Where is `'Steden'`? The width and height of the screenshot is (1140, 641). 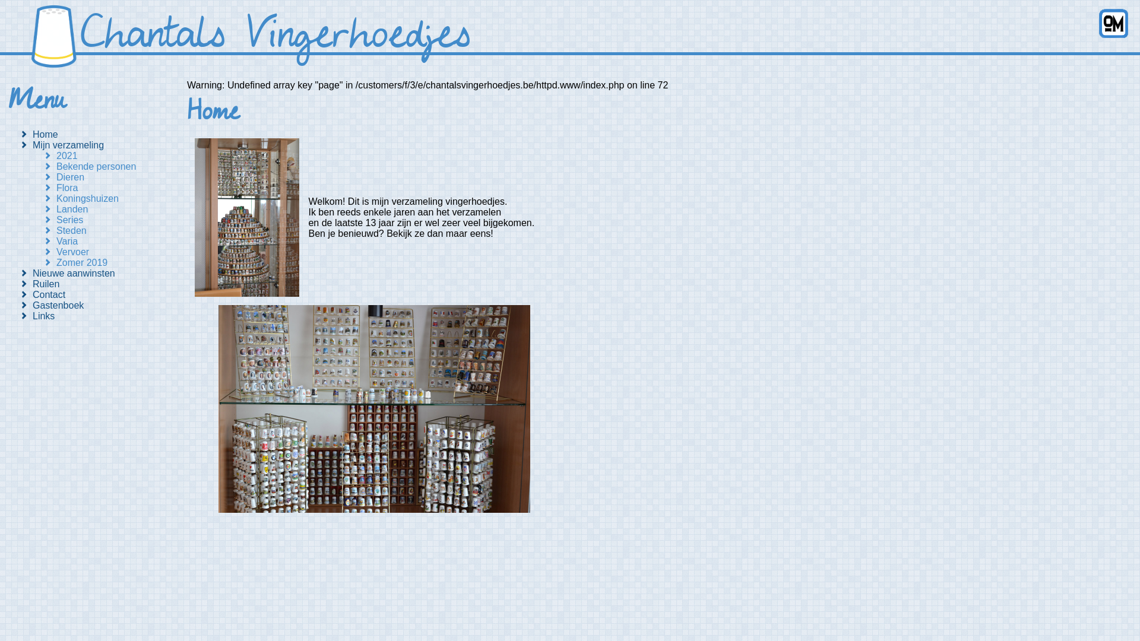
'Steden' is located at coordinates (113, 231).